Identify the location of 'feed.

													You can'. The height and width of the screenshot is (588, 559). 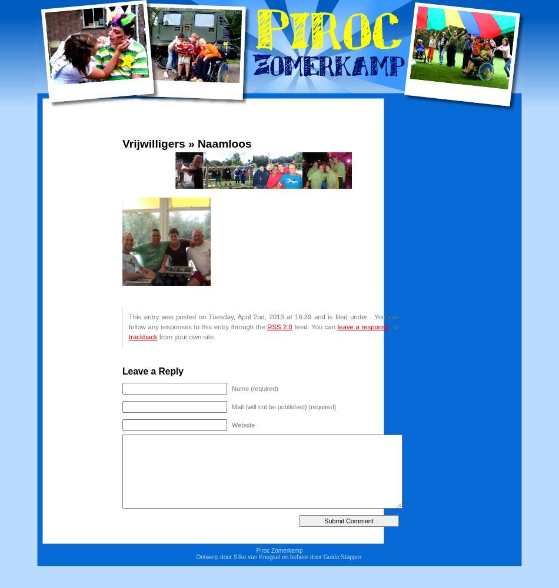
(314, 326).